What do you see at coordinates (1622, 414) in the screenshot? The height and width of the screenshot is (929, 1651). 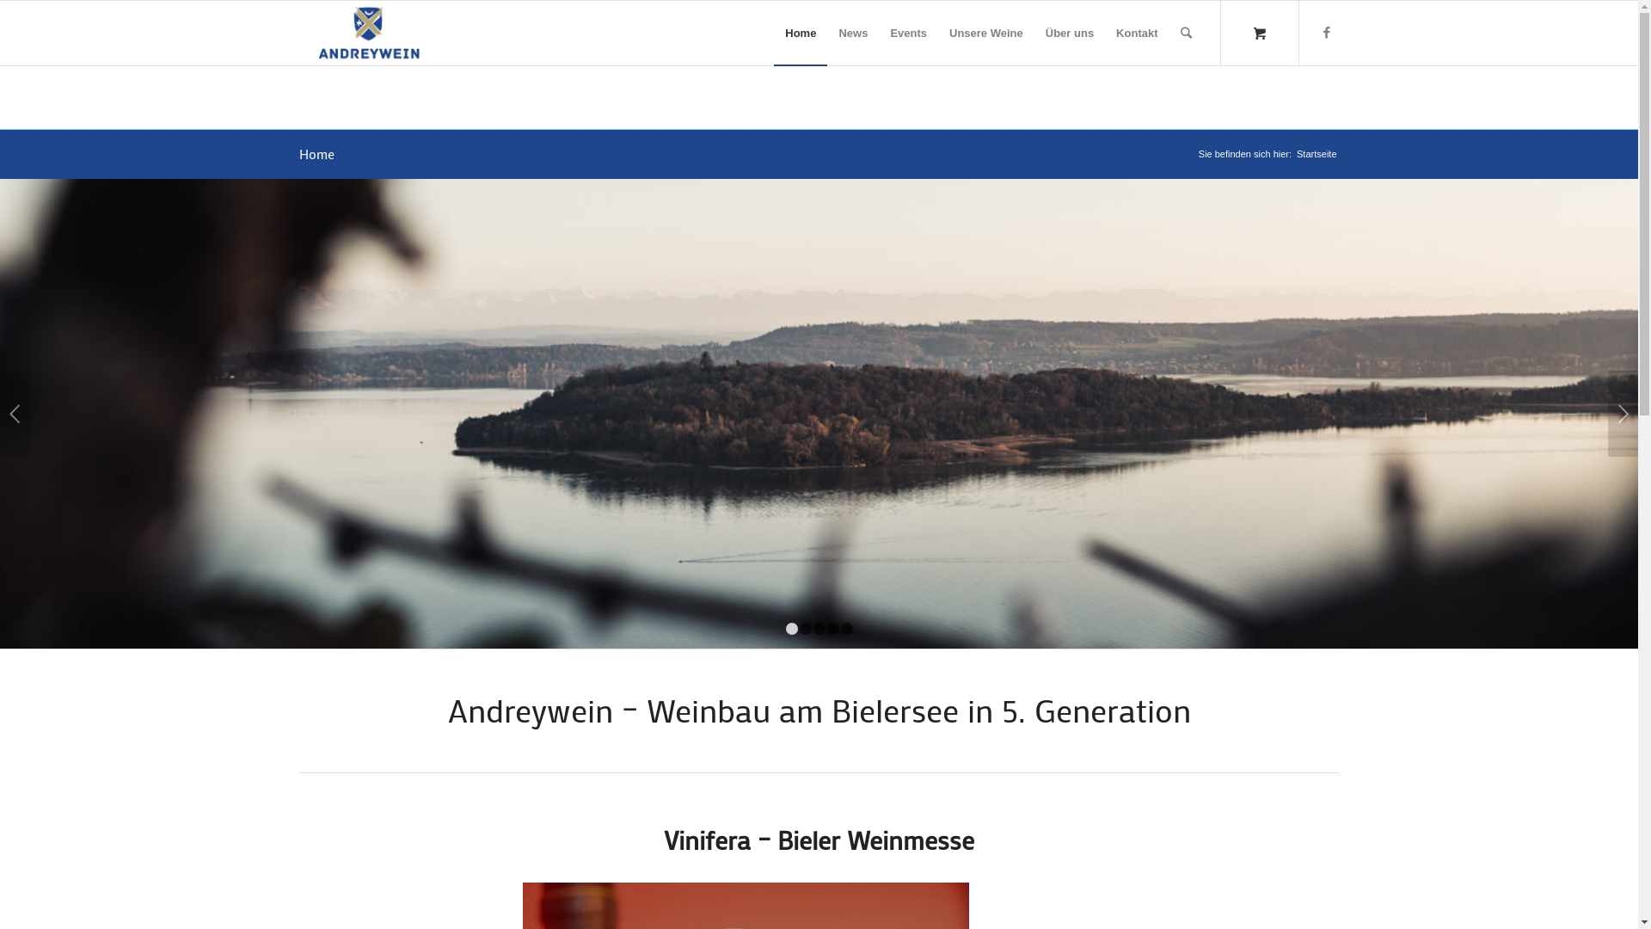 I see `'Weiter'` at bounding box center [1622, 414].